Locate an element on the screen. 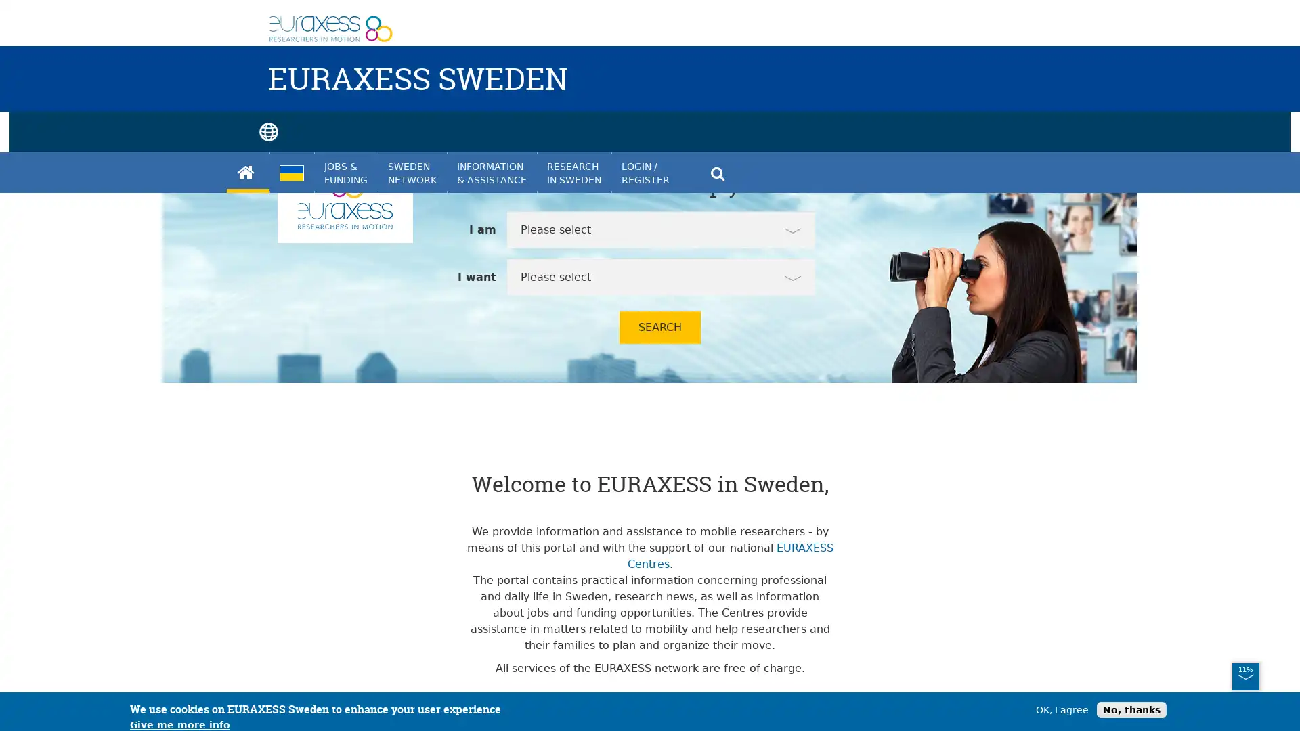  OK, I agree is located at coordinates (1062, 709).